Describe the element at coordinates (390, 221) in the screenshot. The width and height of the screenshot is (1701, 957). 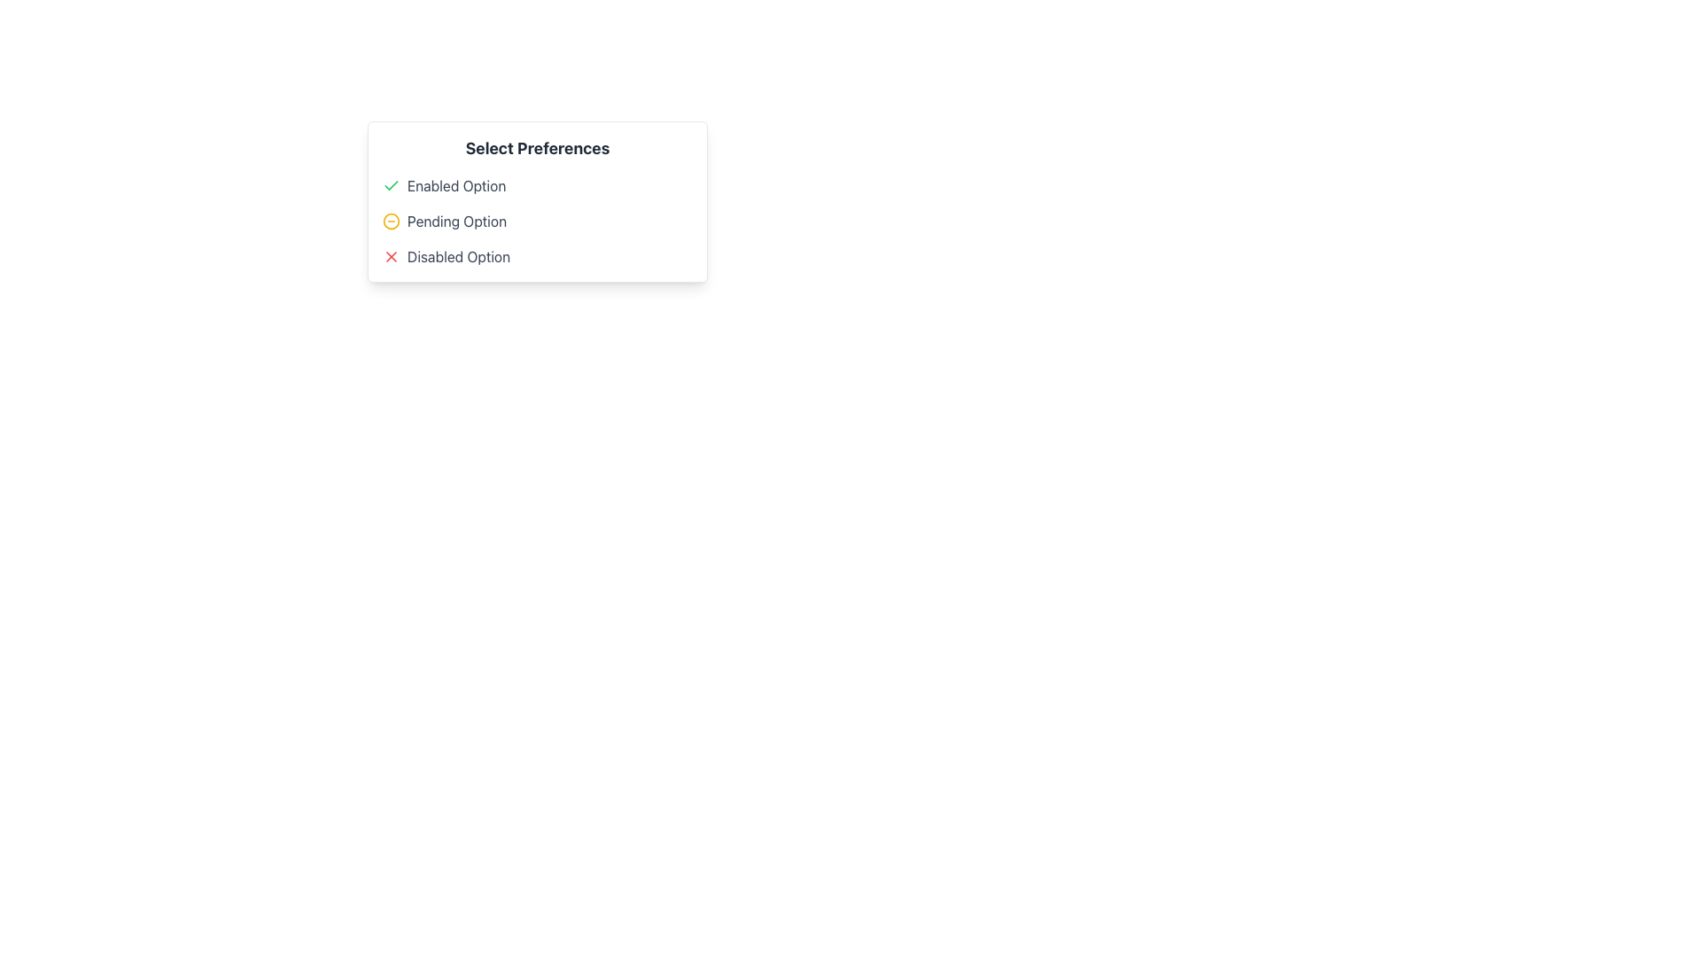
I see `the circular part of the 'circle-minus' icon representing an incomplete or pending status located to the left of the text 'Pending Option' in the preference selection list` at that location.